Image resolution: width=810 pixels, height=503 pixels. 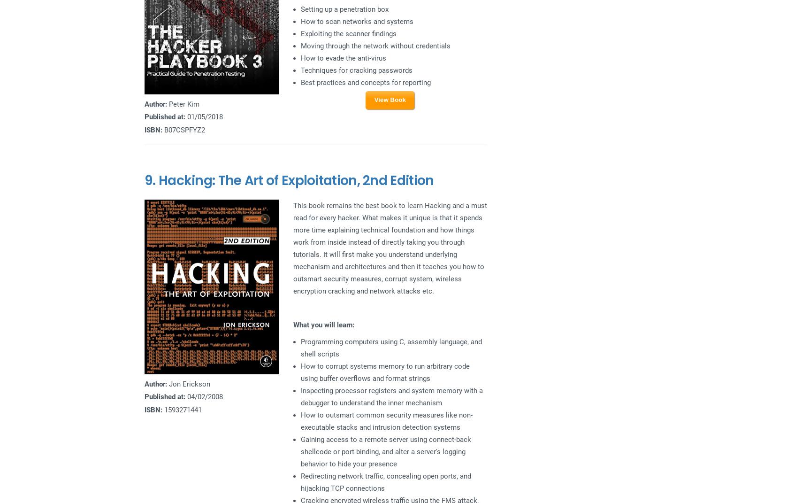 What do you see at coordinates (385, 420) in the screenshot?
I see `'How to outsmart common security measures like non-executable stacks and intrusion detection systems'` at bounding box center [385, 420].